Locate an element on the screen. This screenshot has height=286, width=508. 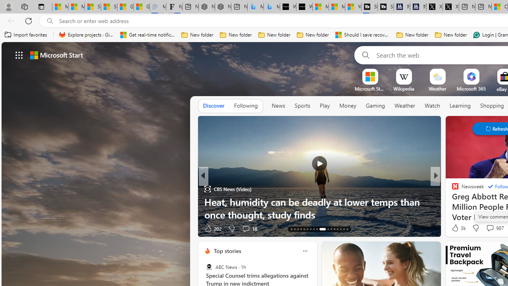
'View comments 17 Comment' is located at coordinates (493, 228).